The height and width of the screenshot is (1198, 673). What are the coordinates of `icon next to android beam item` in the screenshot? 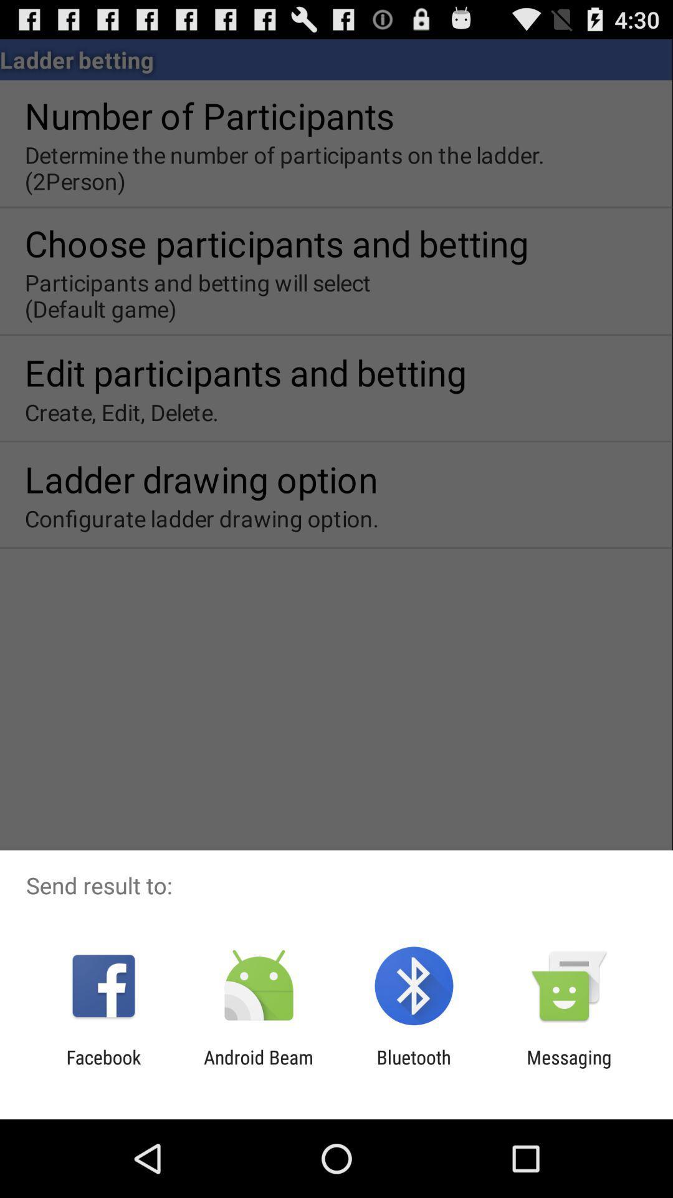 It's located at (103, 1068).